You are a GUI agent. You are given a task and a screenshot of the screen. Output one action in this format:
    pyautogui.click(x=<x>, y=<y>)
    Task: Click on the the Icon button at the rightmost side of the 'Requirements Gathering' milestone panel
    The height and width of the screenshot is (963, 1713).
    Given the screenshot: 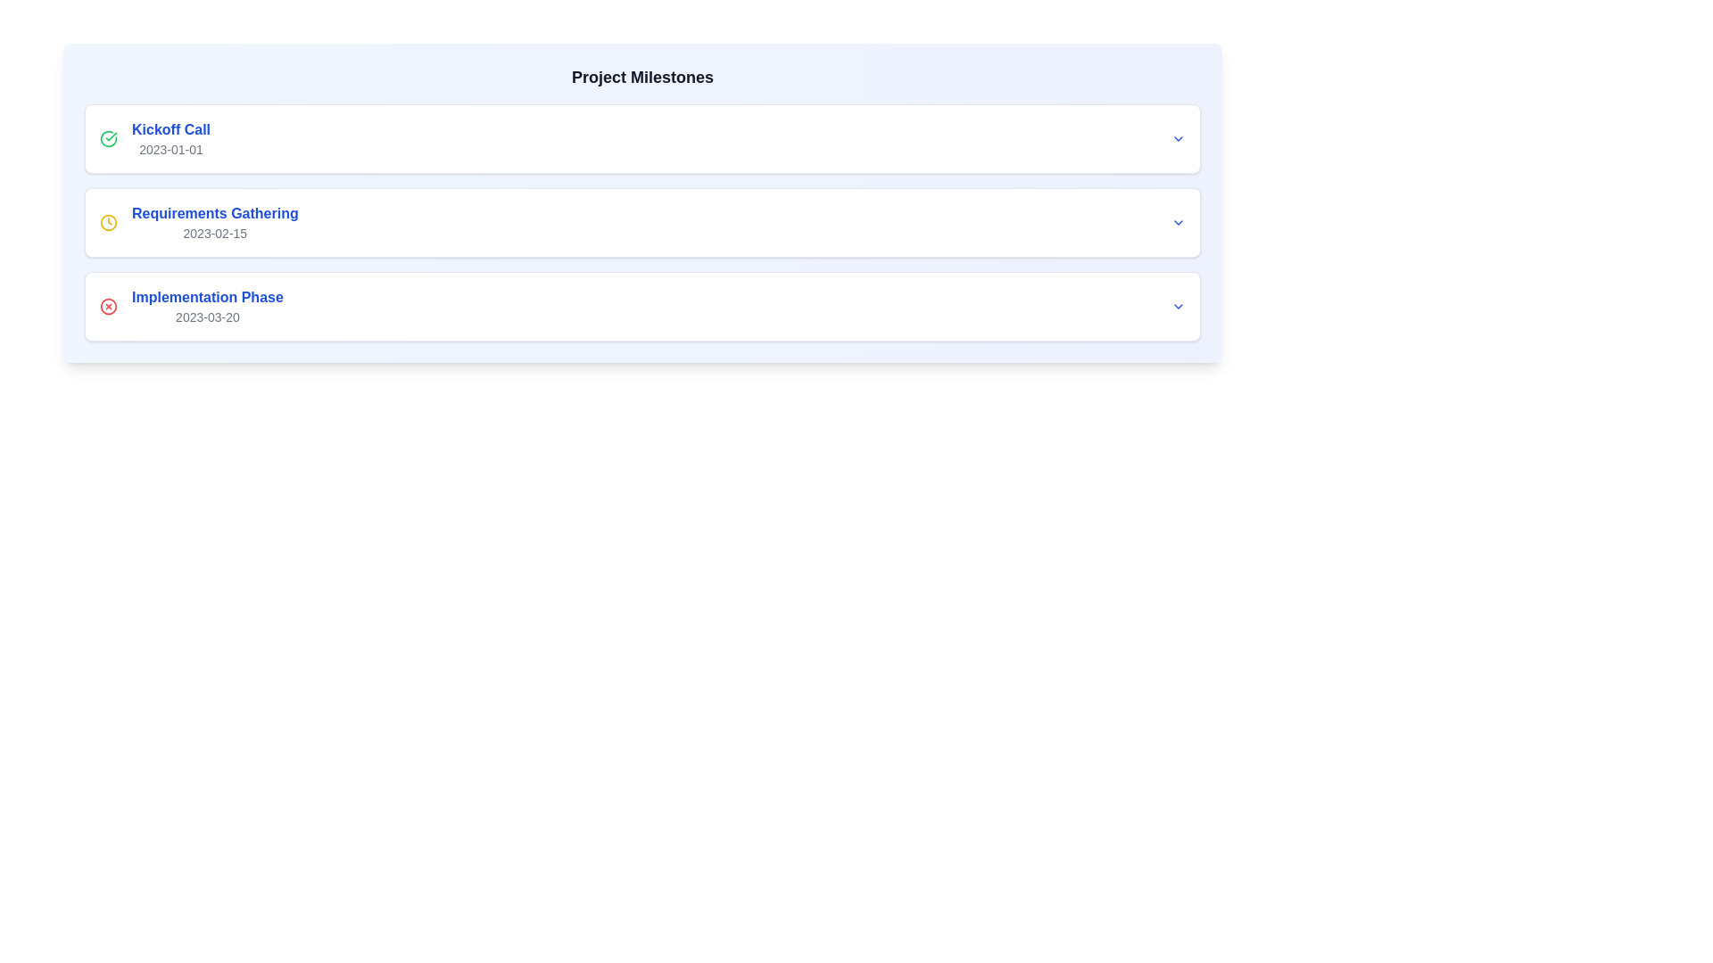 What is the action you would take?
    pyautogui.click(x=1178, y=222)
    